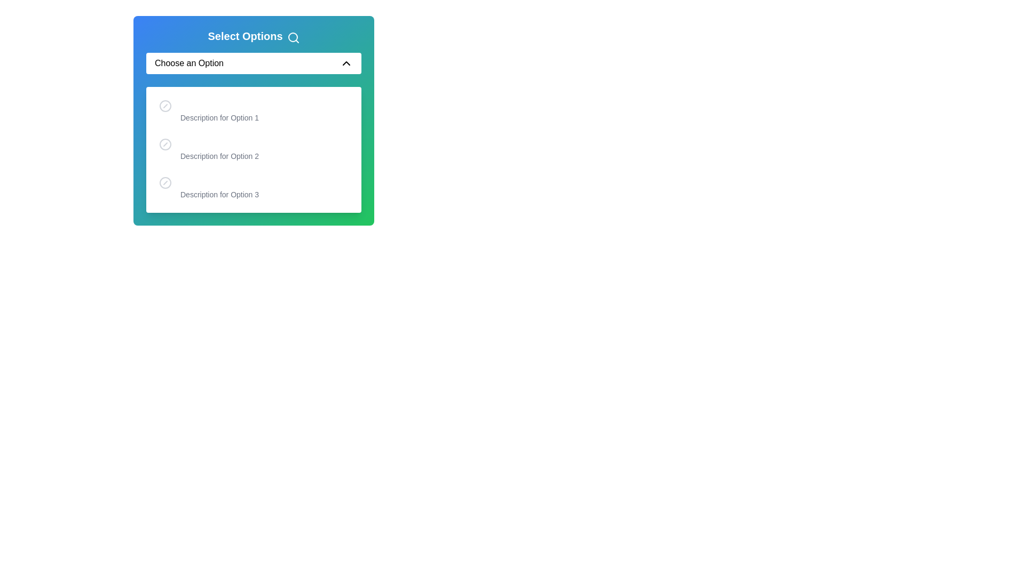 The width and height of the screenshot is (1025, 576). I want to click on the first selectable list item in the dropdown menu, which features a circular icon on the left and the text 'Option 1' with a description below it, so click(253, 111).